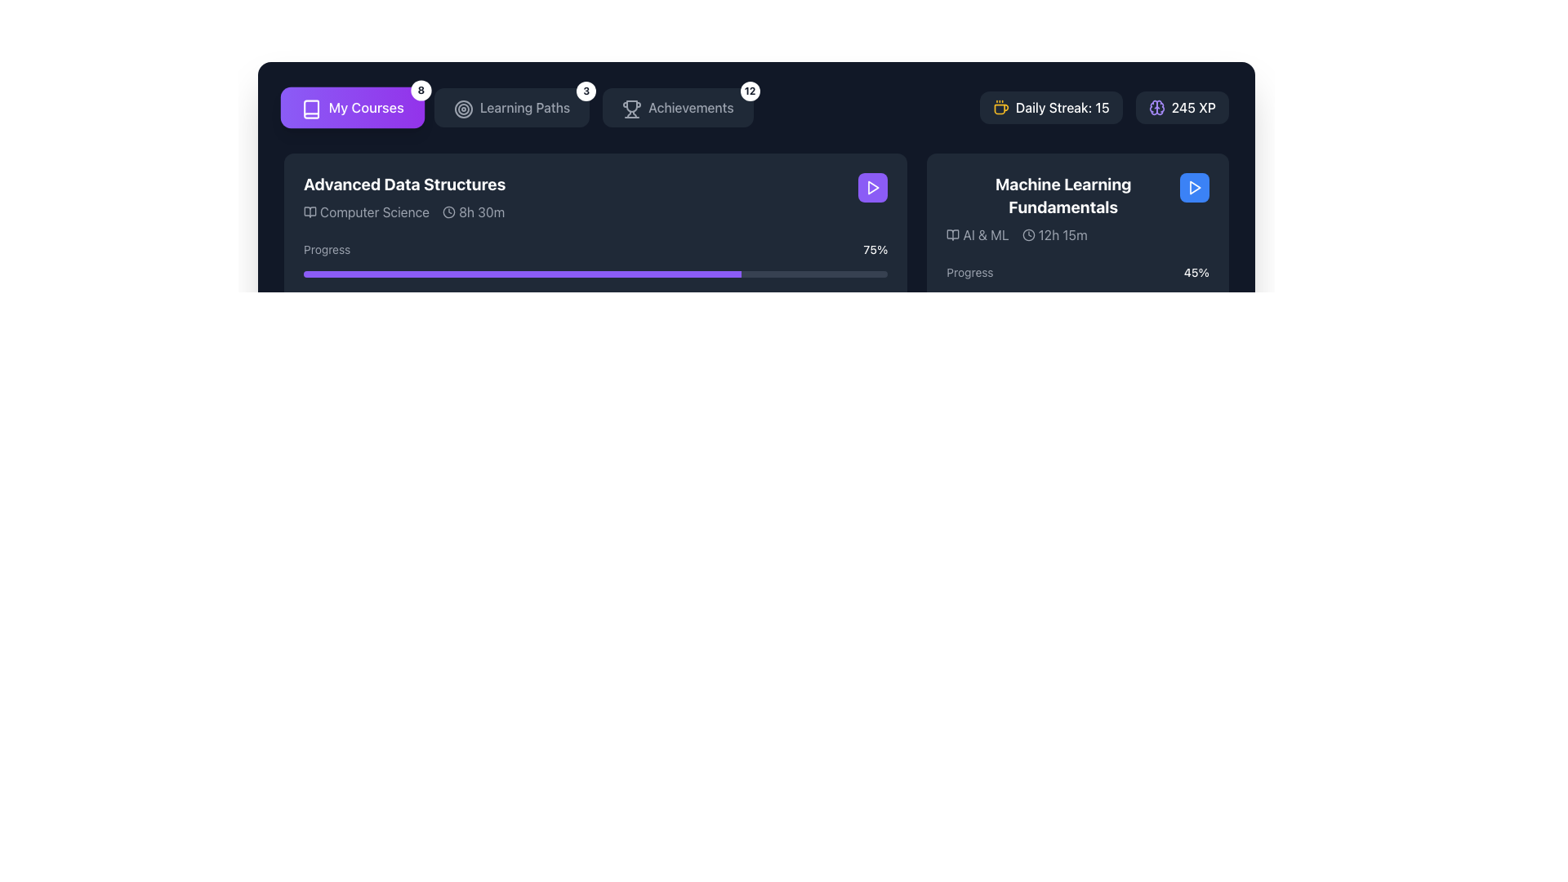 This screenshot has height=882, width=1568. What do you see at coordinates (1078, 296) in the screenshot?
I see `the progress value displayed on the horizontal progress bar located below the 'Progress' and '45%' indicators in the 'Machine Learning Fundamentals' card` at bounding box center [1078, 296].